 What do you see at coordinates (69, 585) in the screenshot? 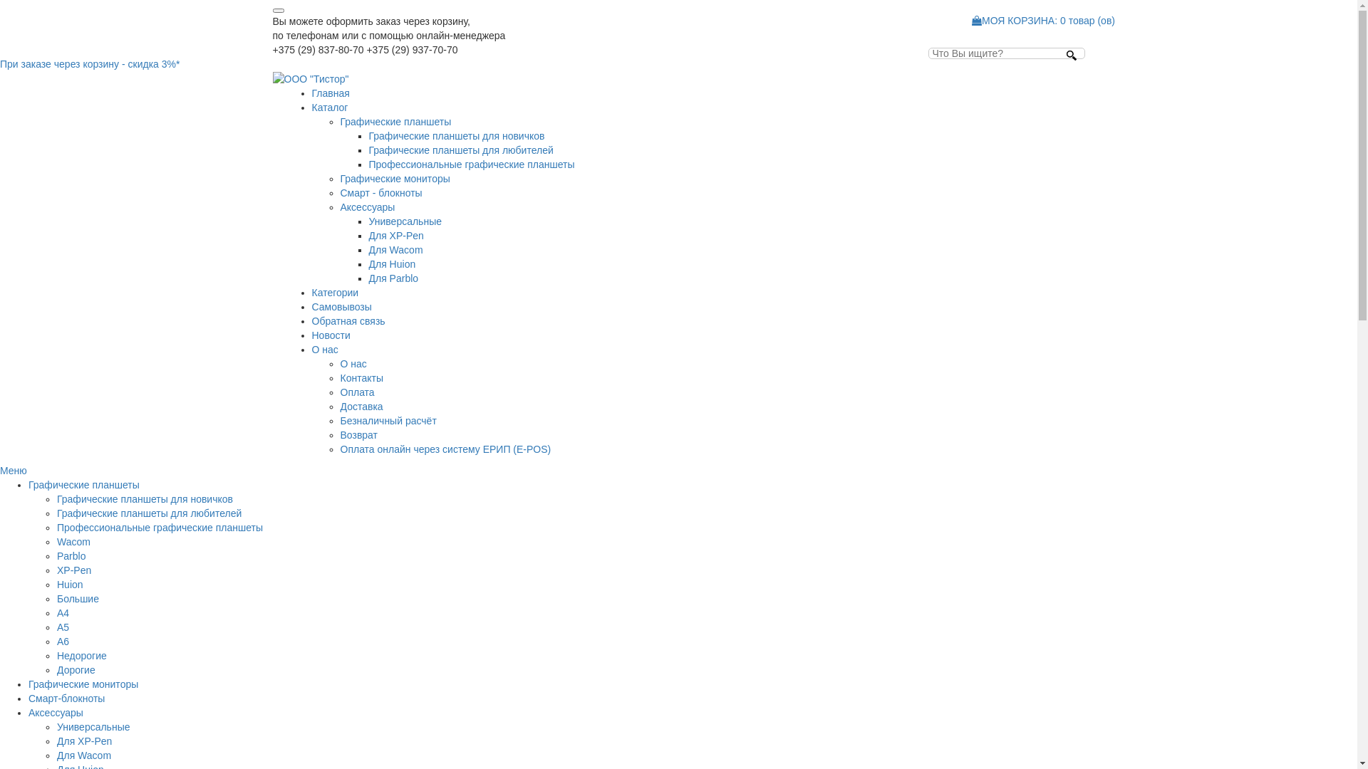
I see `'Huion'` at bounding box center [69, 585].